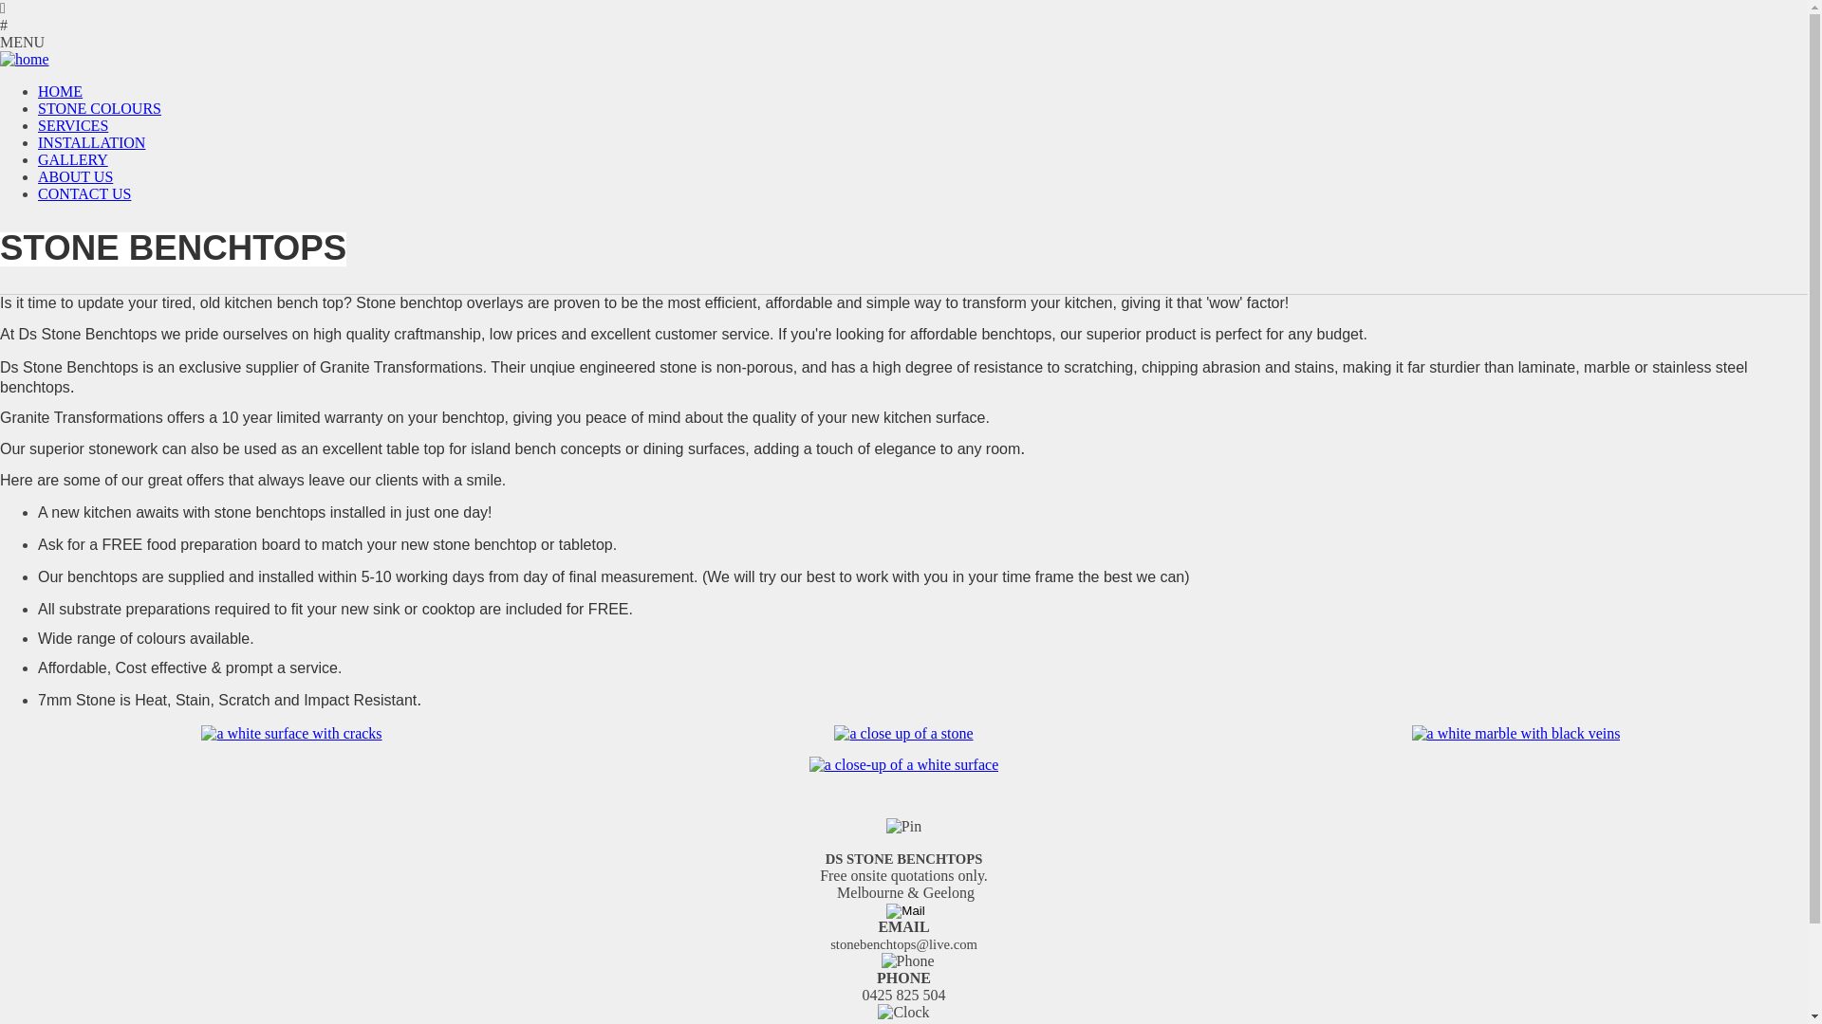 The width and height of the screenshot is (1822, 1024). I want to click on 'GALLERY', so click(72, 158).